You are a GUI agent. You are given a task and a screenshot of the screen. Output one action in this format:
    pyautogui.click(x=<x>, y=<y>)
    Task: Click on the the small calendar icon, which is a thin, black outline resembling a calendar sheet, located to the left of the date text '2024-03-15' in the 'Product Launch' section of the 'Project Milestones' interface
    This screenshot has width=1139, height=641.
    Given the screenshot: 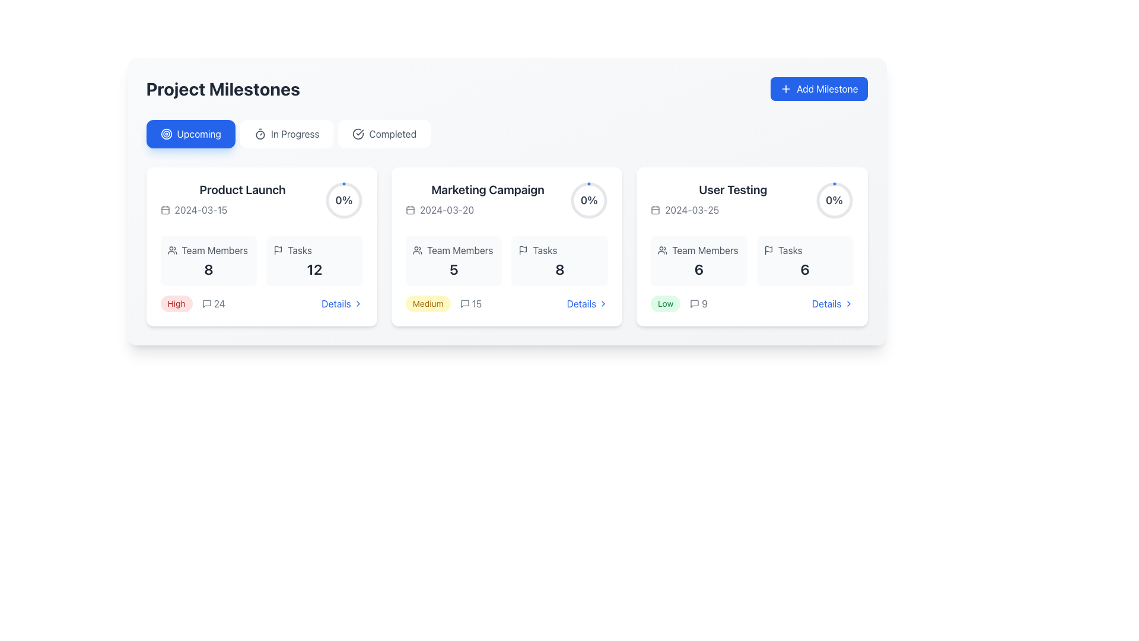 What is the action you would take?
    pyautogui.click(x=164, y=210)
    